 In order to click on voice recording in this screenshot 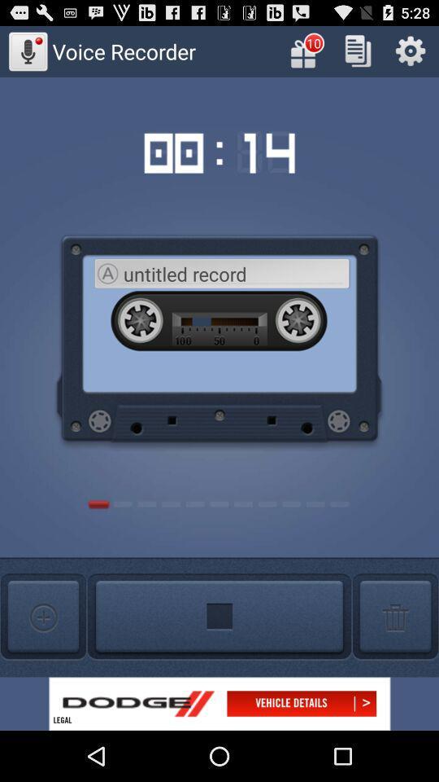, I will do `click(43, 616)`.